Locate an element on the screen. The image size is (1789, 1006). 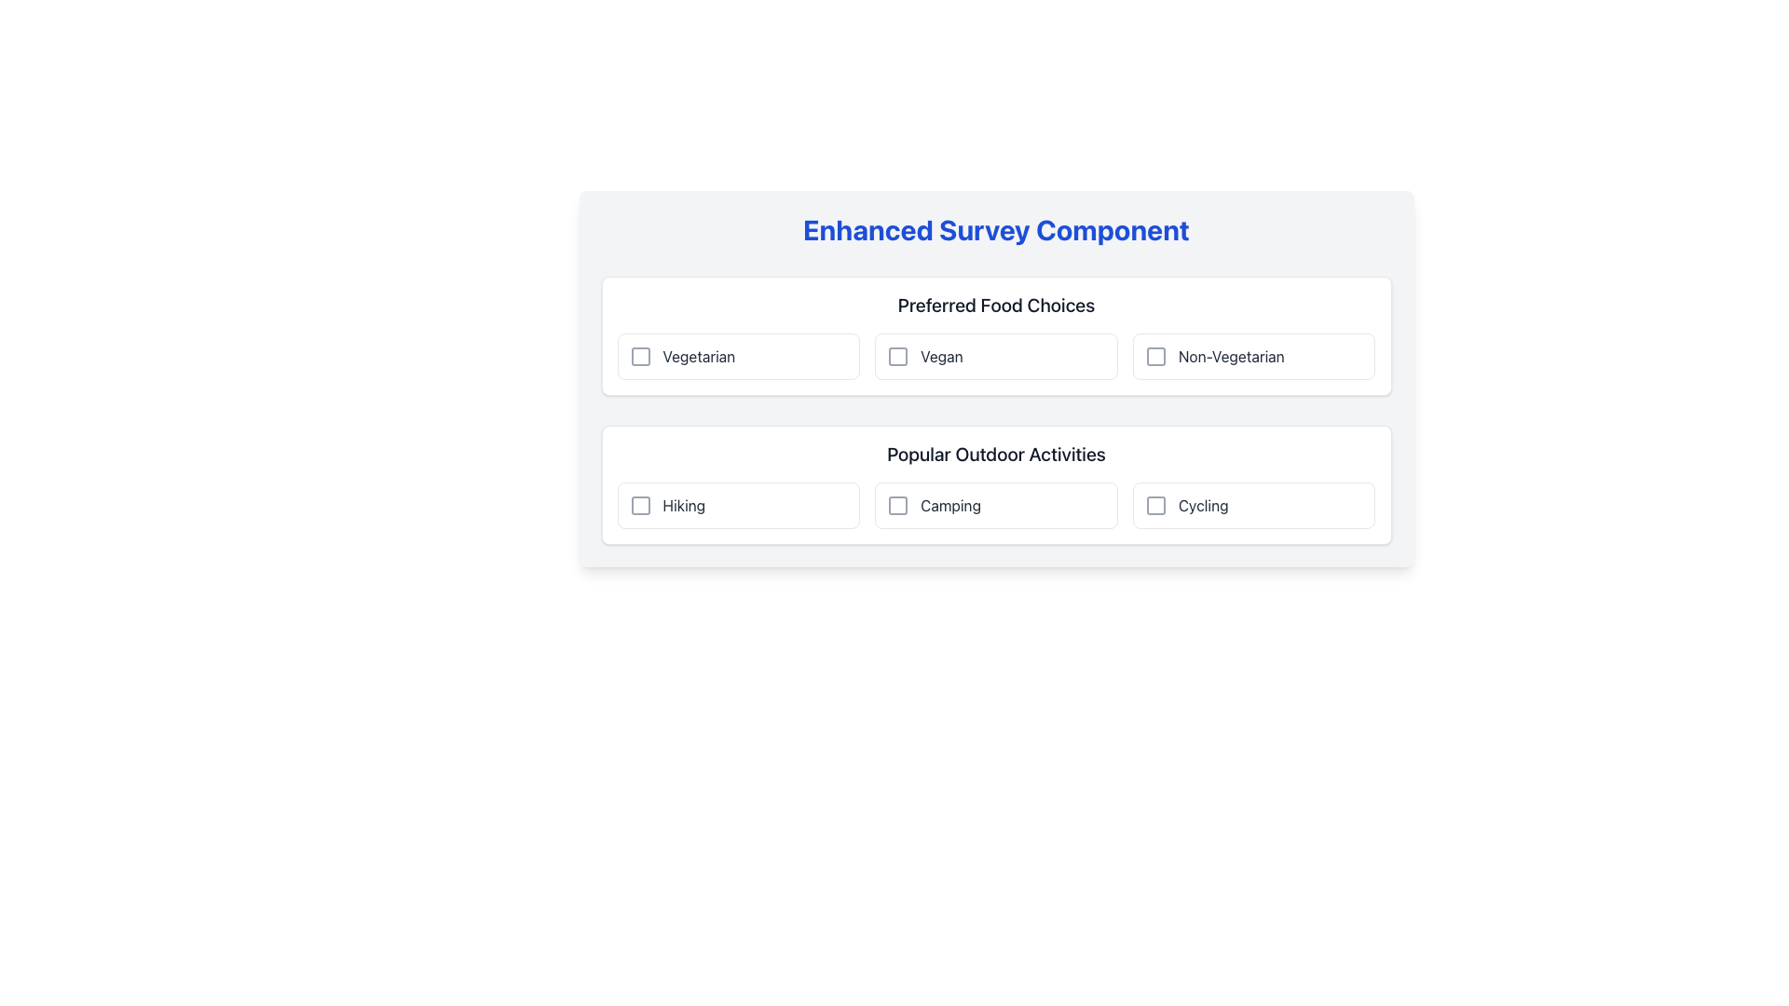
the checkbox for the 'Vegan' option in the 'Preferred Food Choices' section is located at coordinates (898, 356).